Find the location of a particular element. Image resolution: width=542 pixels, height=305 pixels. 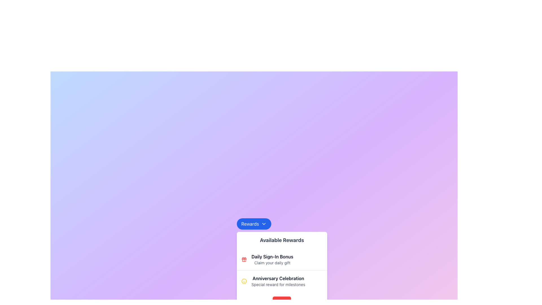

text displayed in the Text Display Component titled 'Anniversary Celebration' which is the second reward option under 'Available Rewards' is located at coordinates (278, 281).